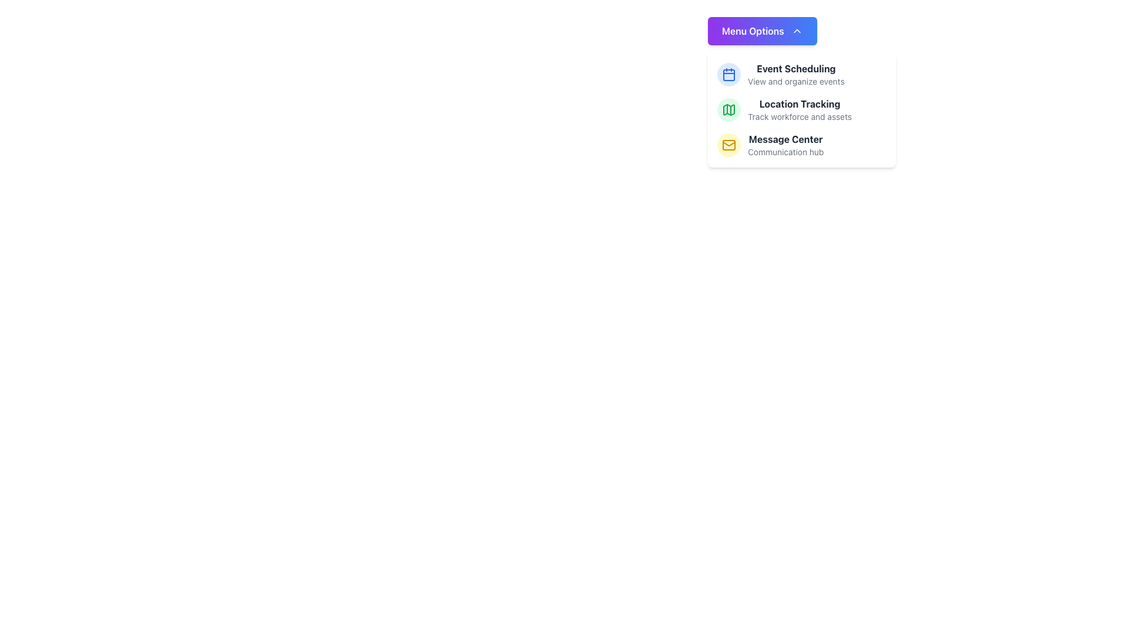  I want to click on the upward-pointing chevron icon located to the right of the 'Menu Options' button in the top-right region of the interface, so click(797, 31).